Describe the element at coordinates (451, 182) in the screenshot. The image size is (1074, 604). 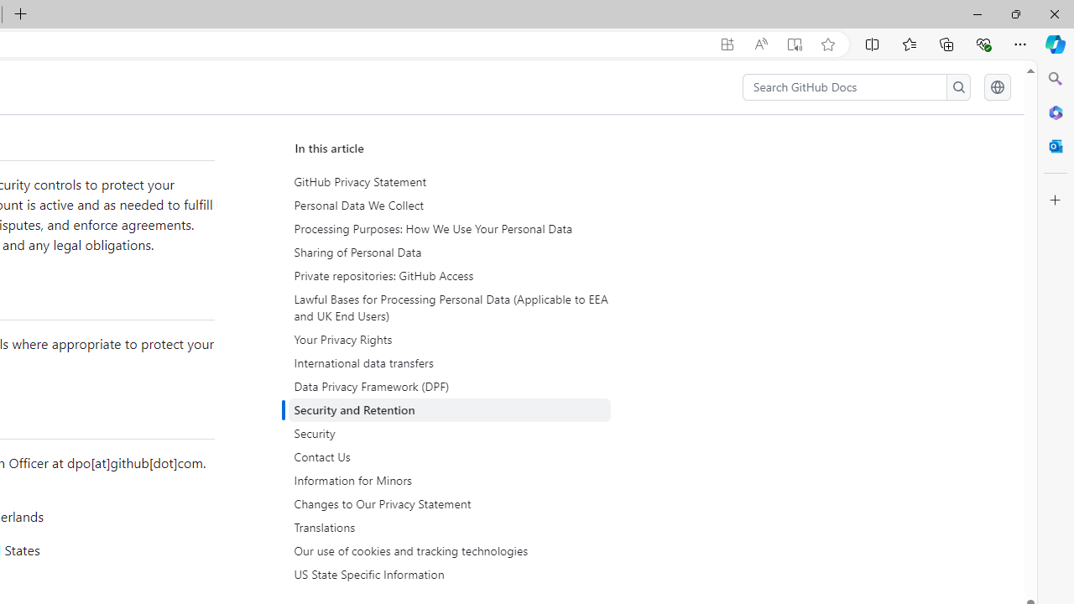
I see `'GitHub Privacy Statement'` at that location.